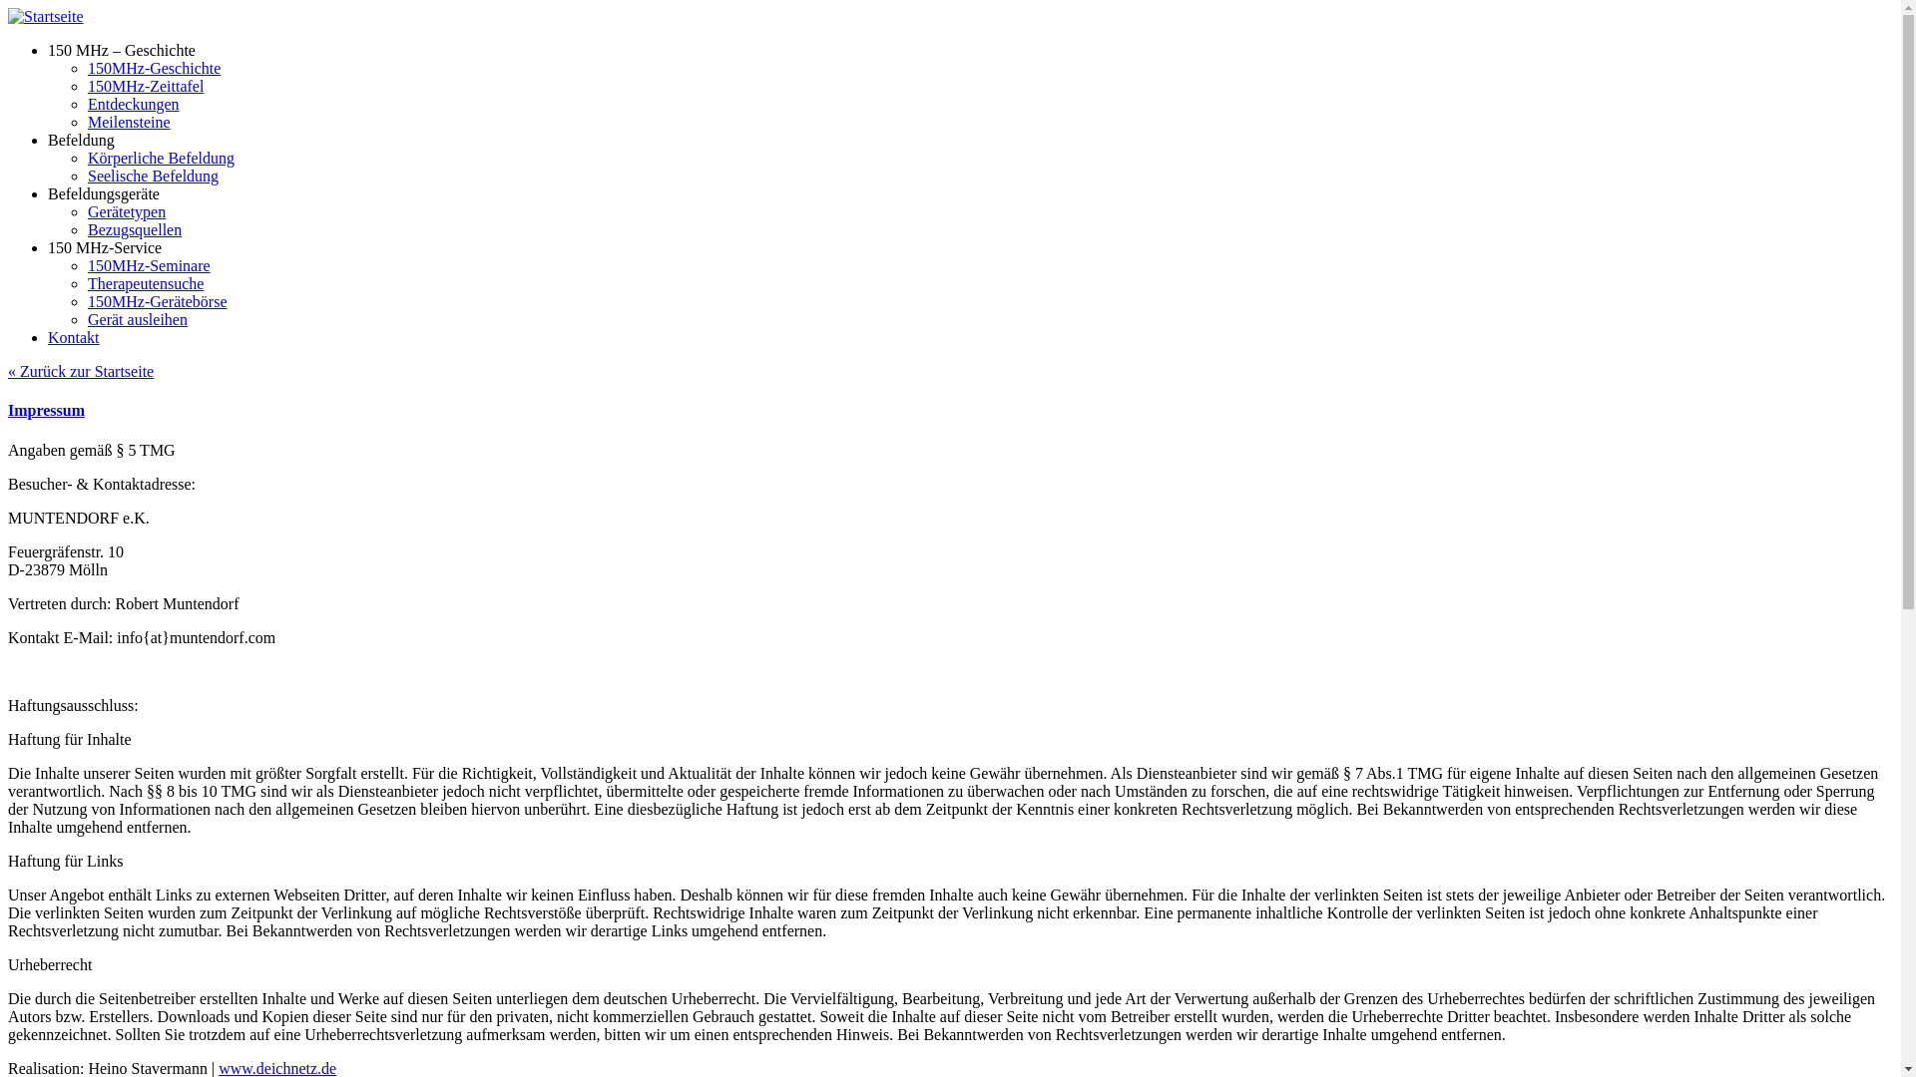  Describe the element at coordinates (73, 336) in the screenshot. I see `'Kontakt'` at that location.